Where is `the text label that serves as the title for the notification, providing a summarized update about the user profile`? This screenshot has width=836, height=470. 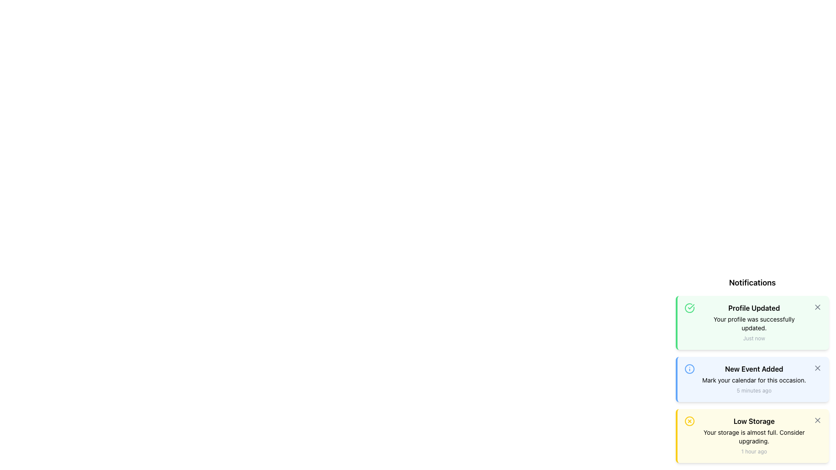
the text label that serves as the title for the notification, providing a summarized update about the user profile is located at coordinates (754, 308).